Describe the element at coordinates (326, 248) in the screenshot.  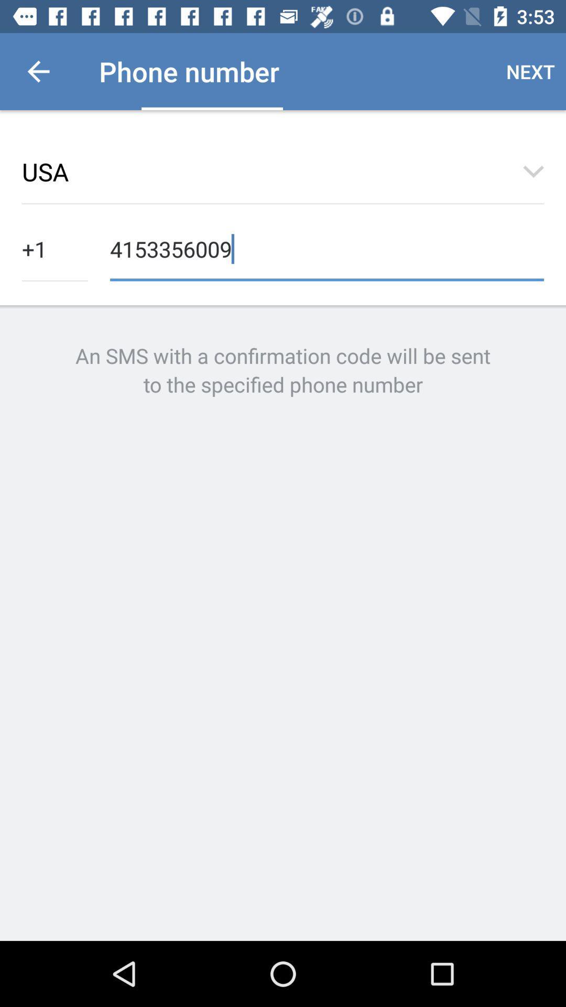
I see `the icon to the right of the +1` at that location.